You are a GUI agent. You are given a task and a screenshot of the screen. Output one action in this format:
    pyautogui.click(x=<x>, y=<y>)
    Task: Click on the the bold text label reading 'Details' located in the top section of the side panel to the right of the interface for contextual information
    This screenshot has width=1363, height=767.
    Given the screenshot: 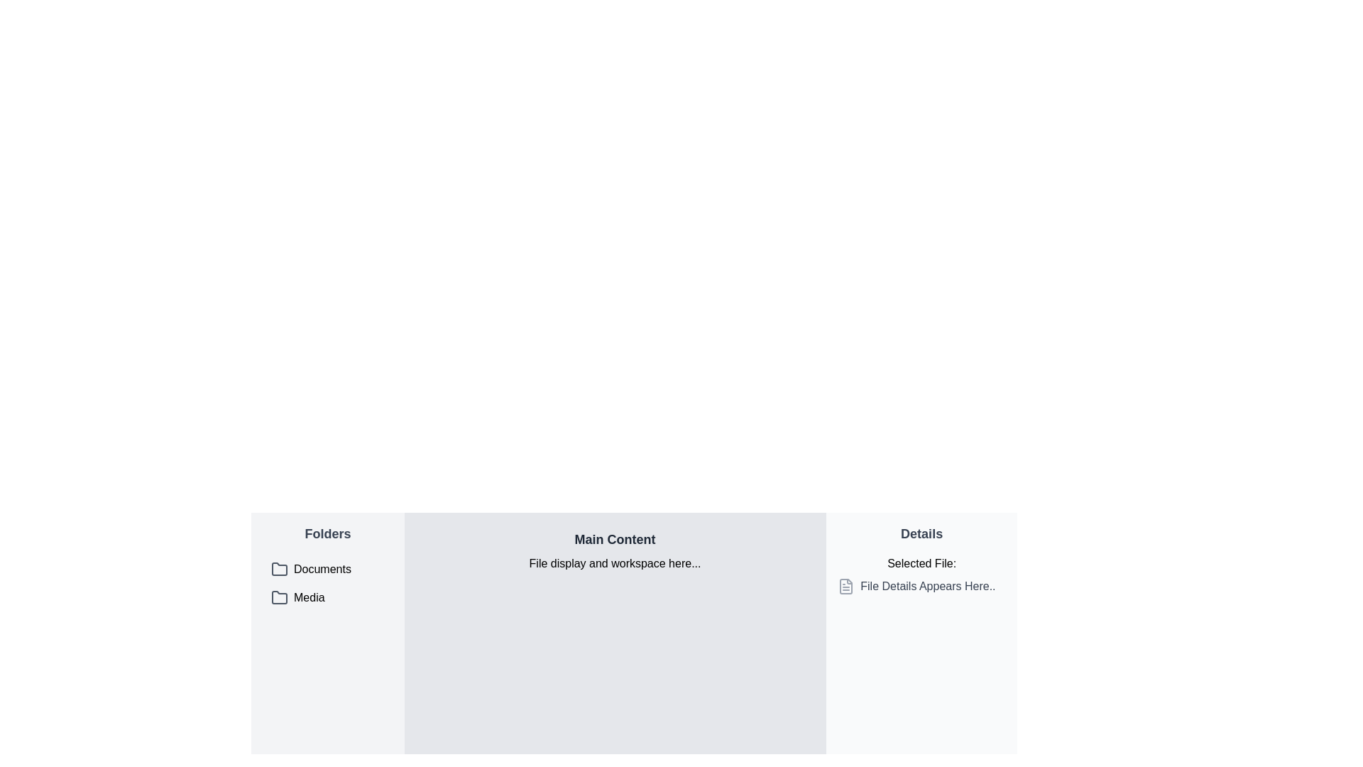 What is the action you would take?
    pyautogui.click(x=921, y=534)
    